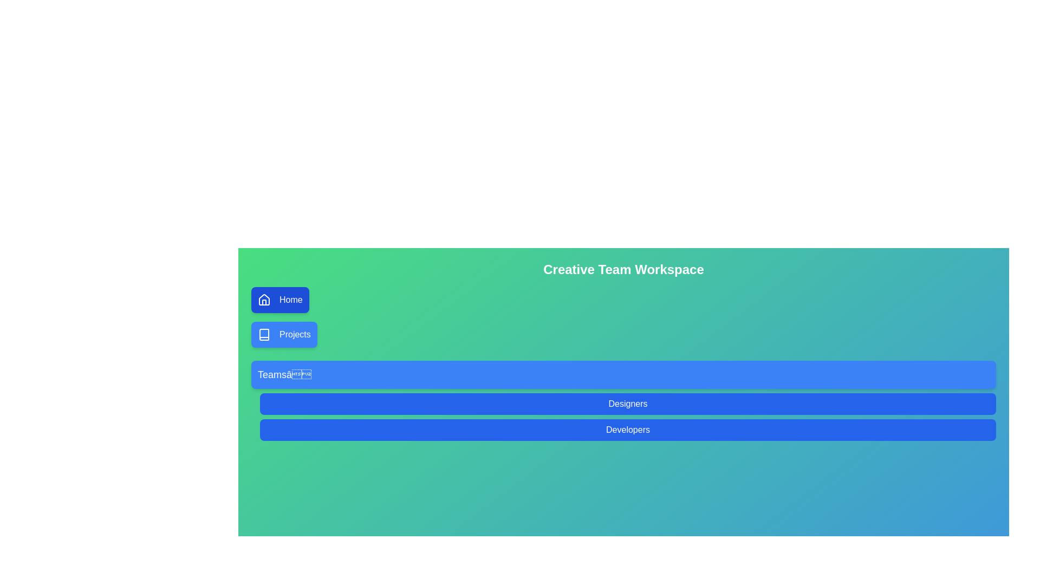 Image resolution: width=1040 pixels, height=585 pixels. I want to click on the 'Projects' text label, which is displayed in white text on a vibrant blue background and is part of a rounded rectangular button, located to the right of an icon in the second menu option, so click(295, 334).